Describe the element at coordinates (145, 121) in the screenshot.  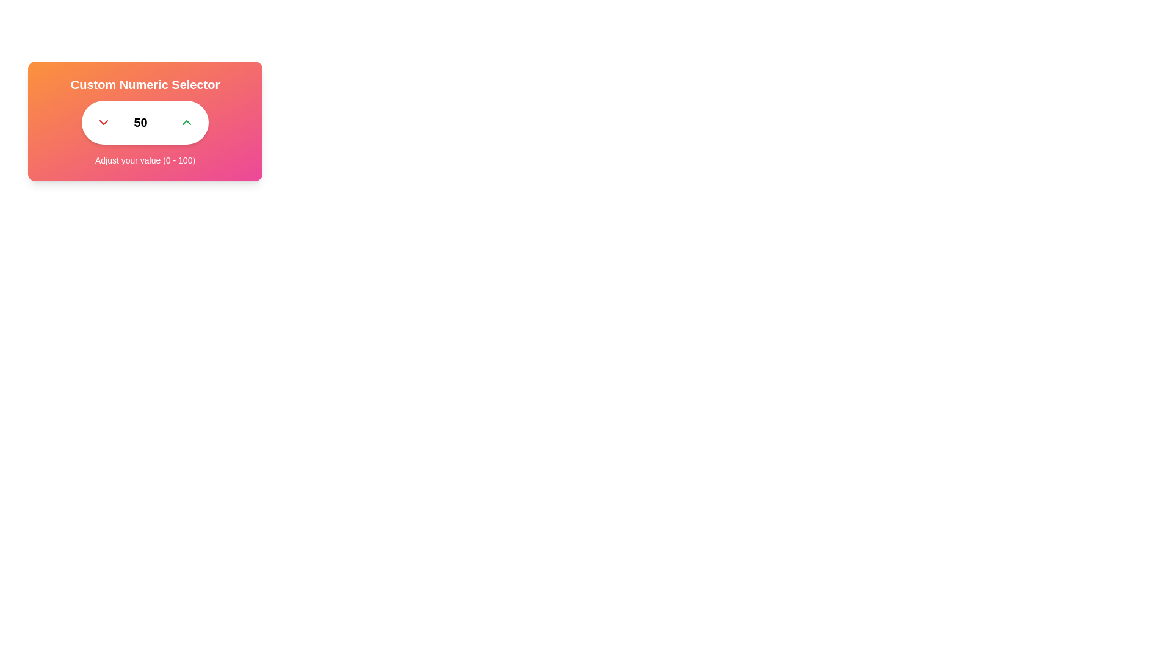
I see `the 'Custom Numeric Selector' component, which features a gradient background and displays the title in bold white text, to interact with the numeric selector` at that location.